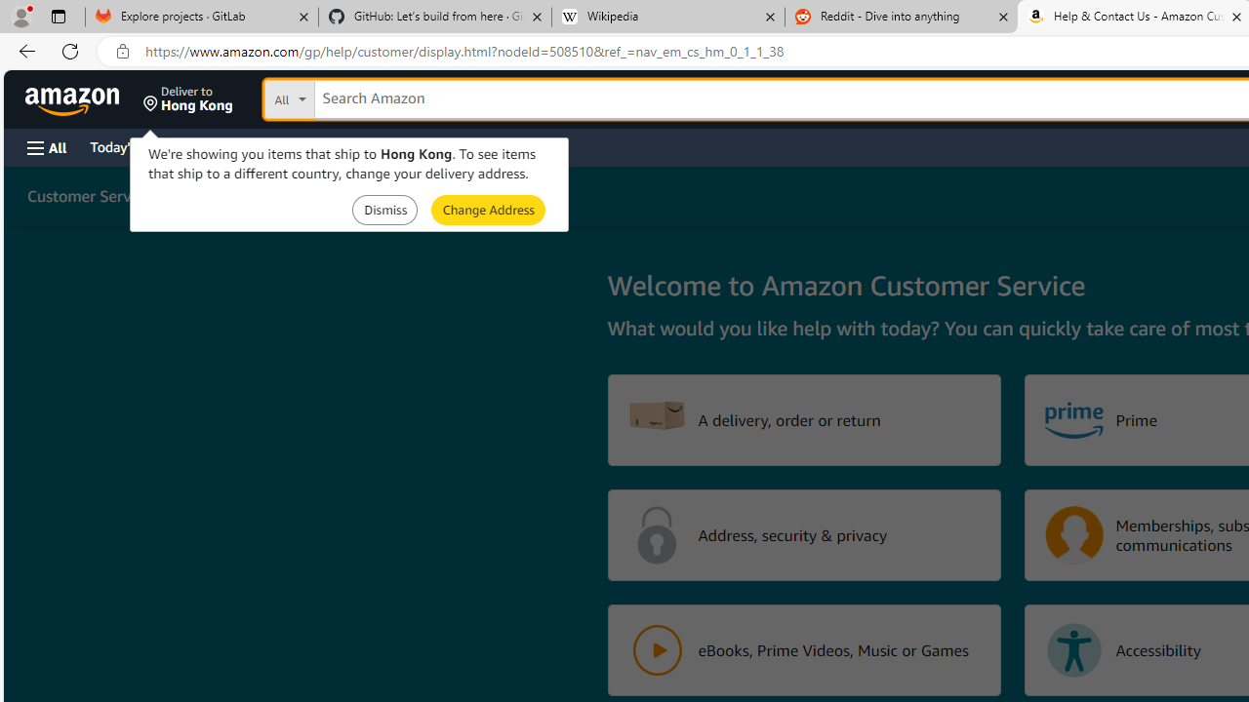  What do you see at coordinates (188, 98) in the screenshot?
I see `'Deliver to Hong Kong'` at bounding box center [188, 98].